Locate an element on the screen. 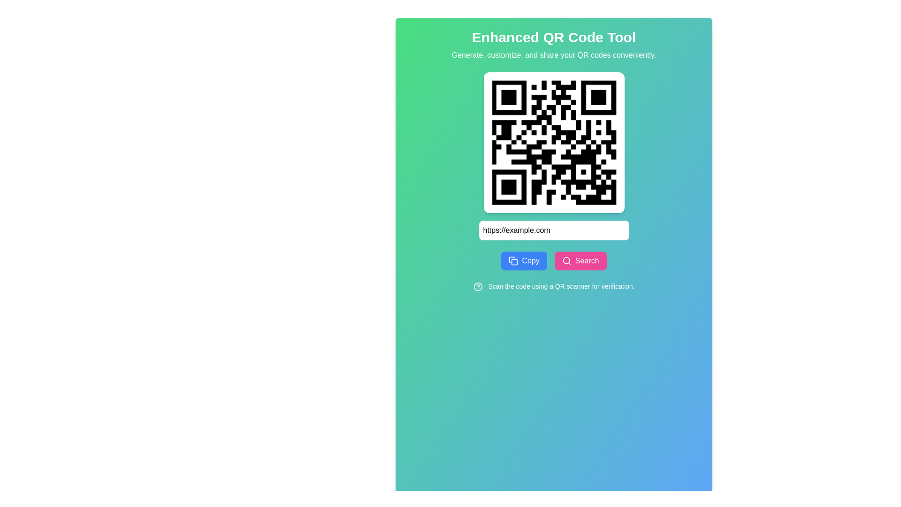  the icon located to the left of the text 'Scan the code using a QR scanner for verification' in the footer section is located at coordinates (478, 286).